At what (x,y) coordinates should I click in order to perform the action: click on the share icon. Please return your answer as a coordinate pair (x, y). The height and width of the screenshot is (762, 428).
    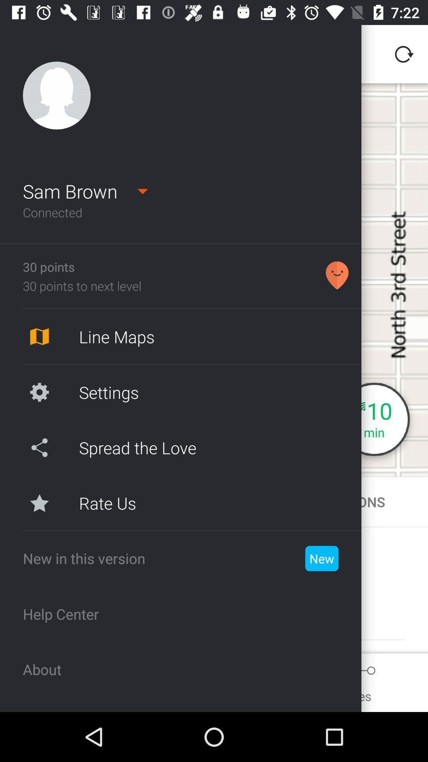
    Looking at the image, I should click on (33, 443).